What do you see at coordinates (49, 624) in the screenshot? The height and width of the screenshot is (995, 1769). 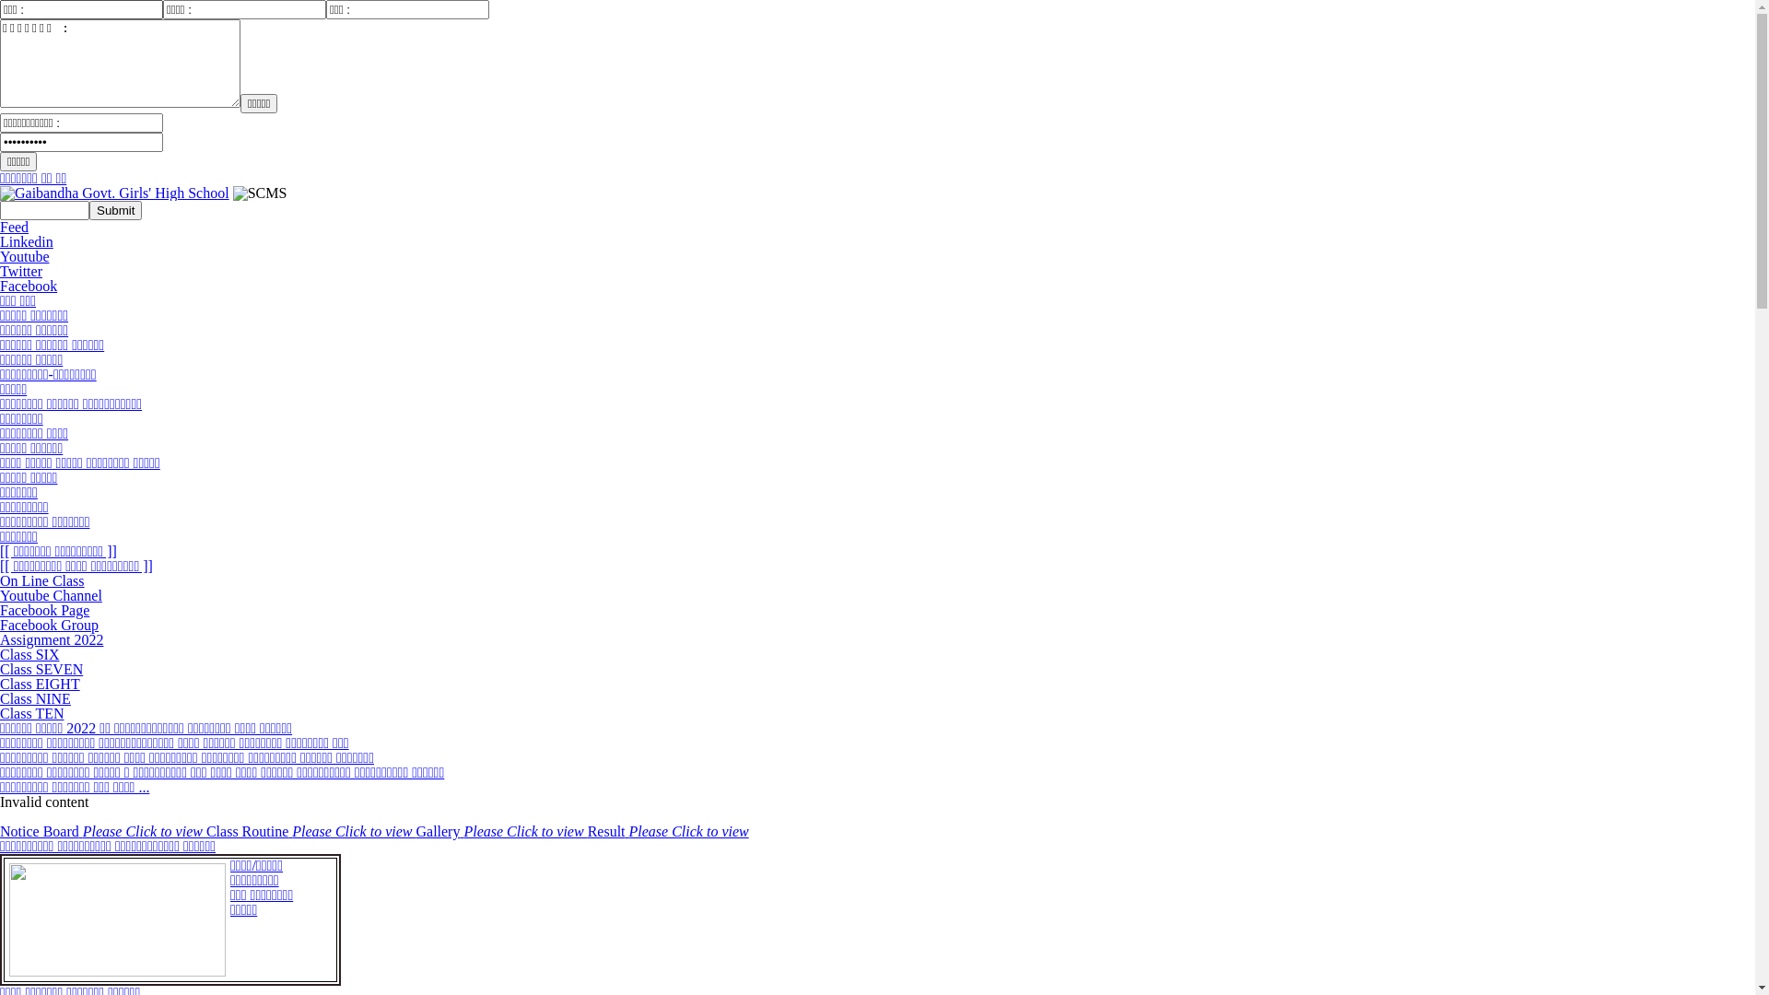 I see `'Facebook Group'` at bounding box center [49, 624].